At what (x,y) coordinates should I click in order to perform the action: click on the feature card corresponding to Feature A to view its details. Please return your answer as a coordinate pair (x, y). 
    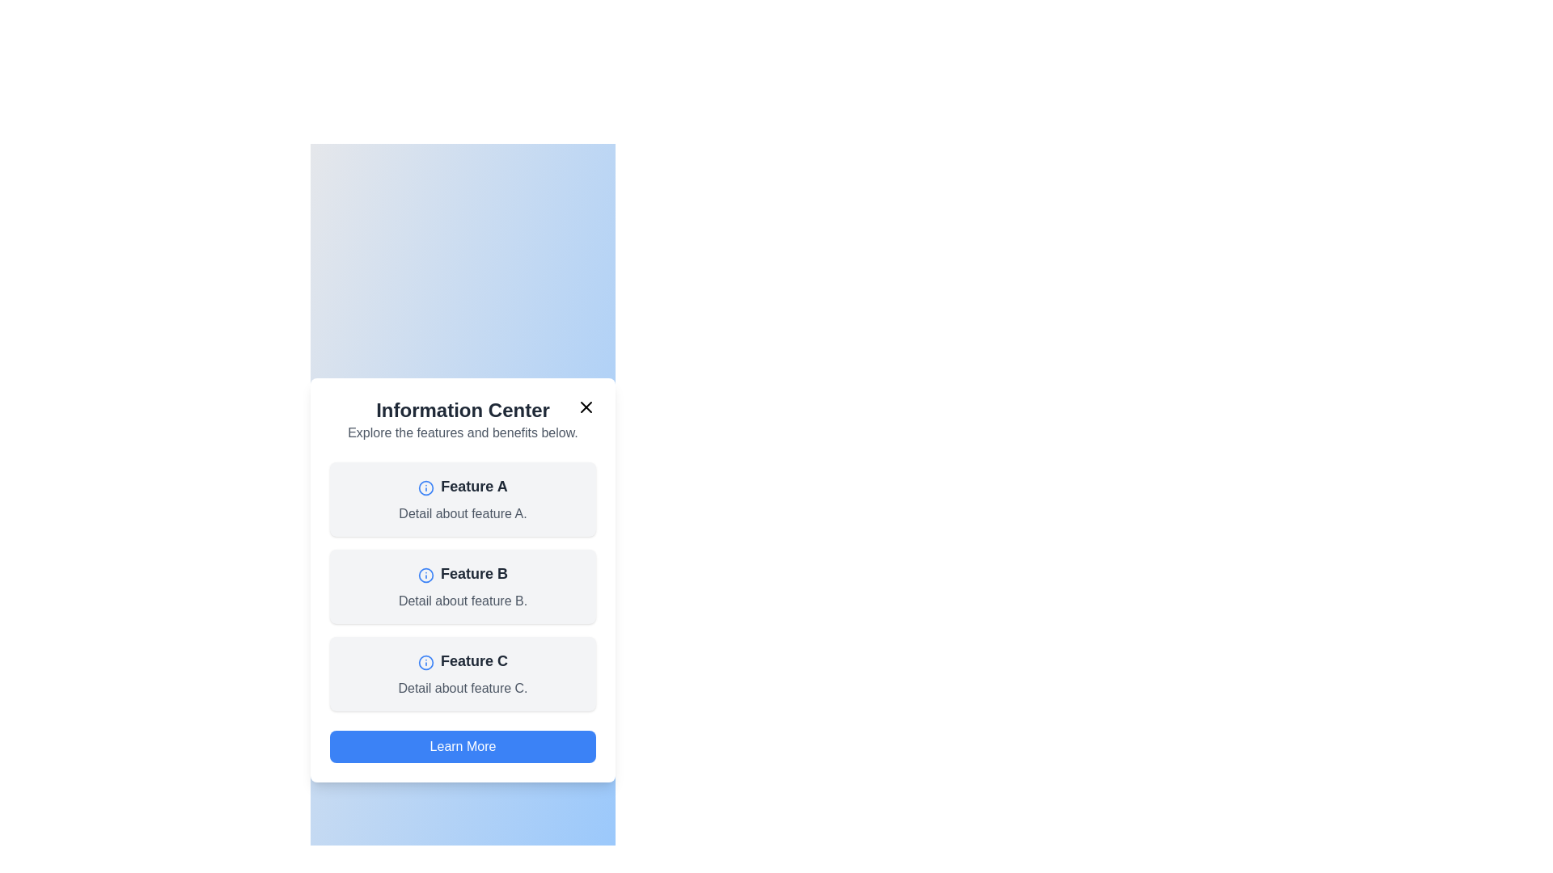
    Looking at the image, I should click on (462, 498).